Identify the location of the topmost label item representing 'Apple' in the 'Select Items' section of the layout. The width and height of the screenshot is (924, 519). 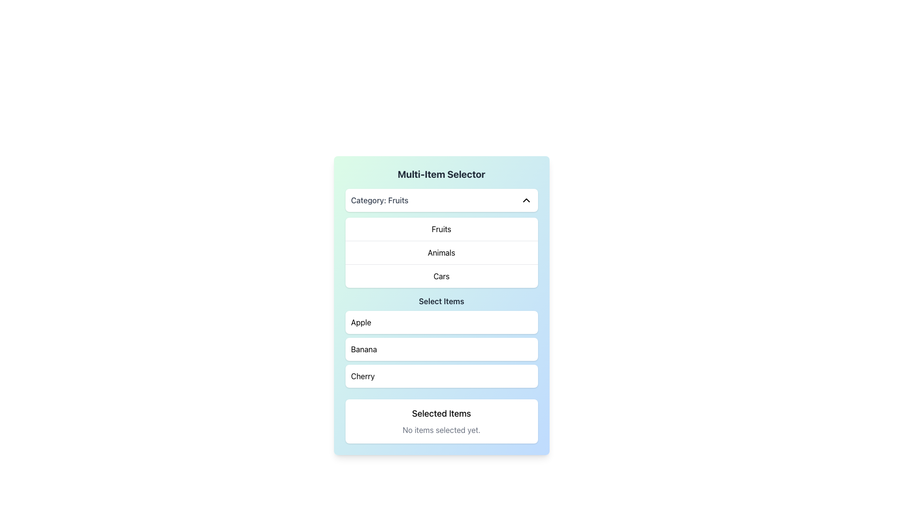
(360, 322).